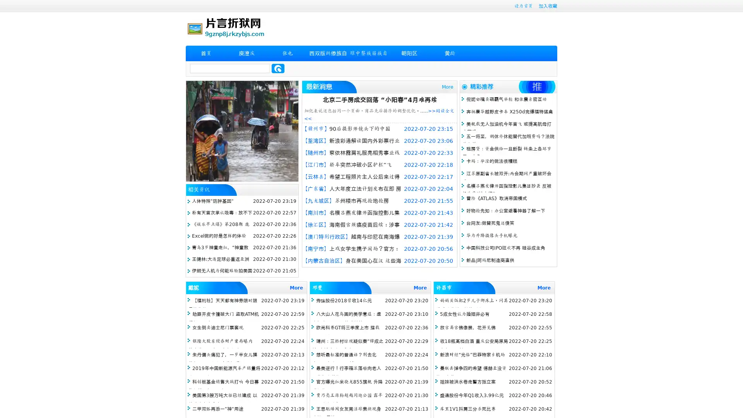 The width and height of the screenshot is (743, 418). Describe the element at coordinates (278, 68) in the screenshot. I see `Search` at that location.